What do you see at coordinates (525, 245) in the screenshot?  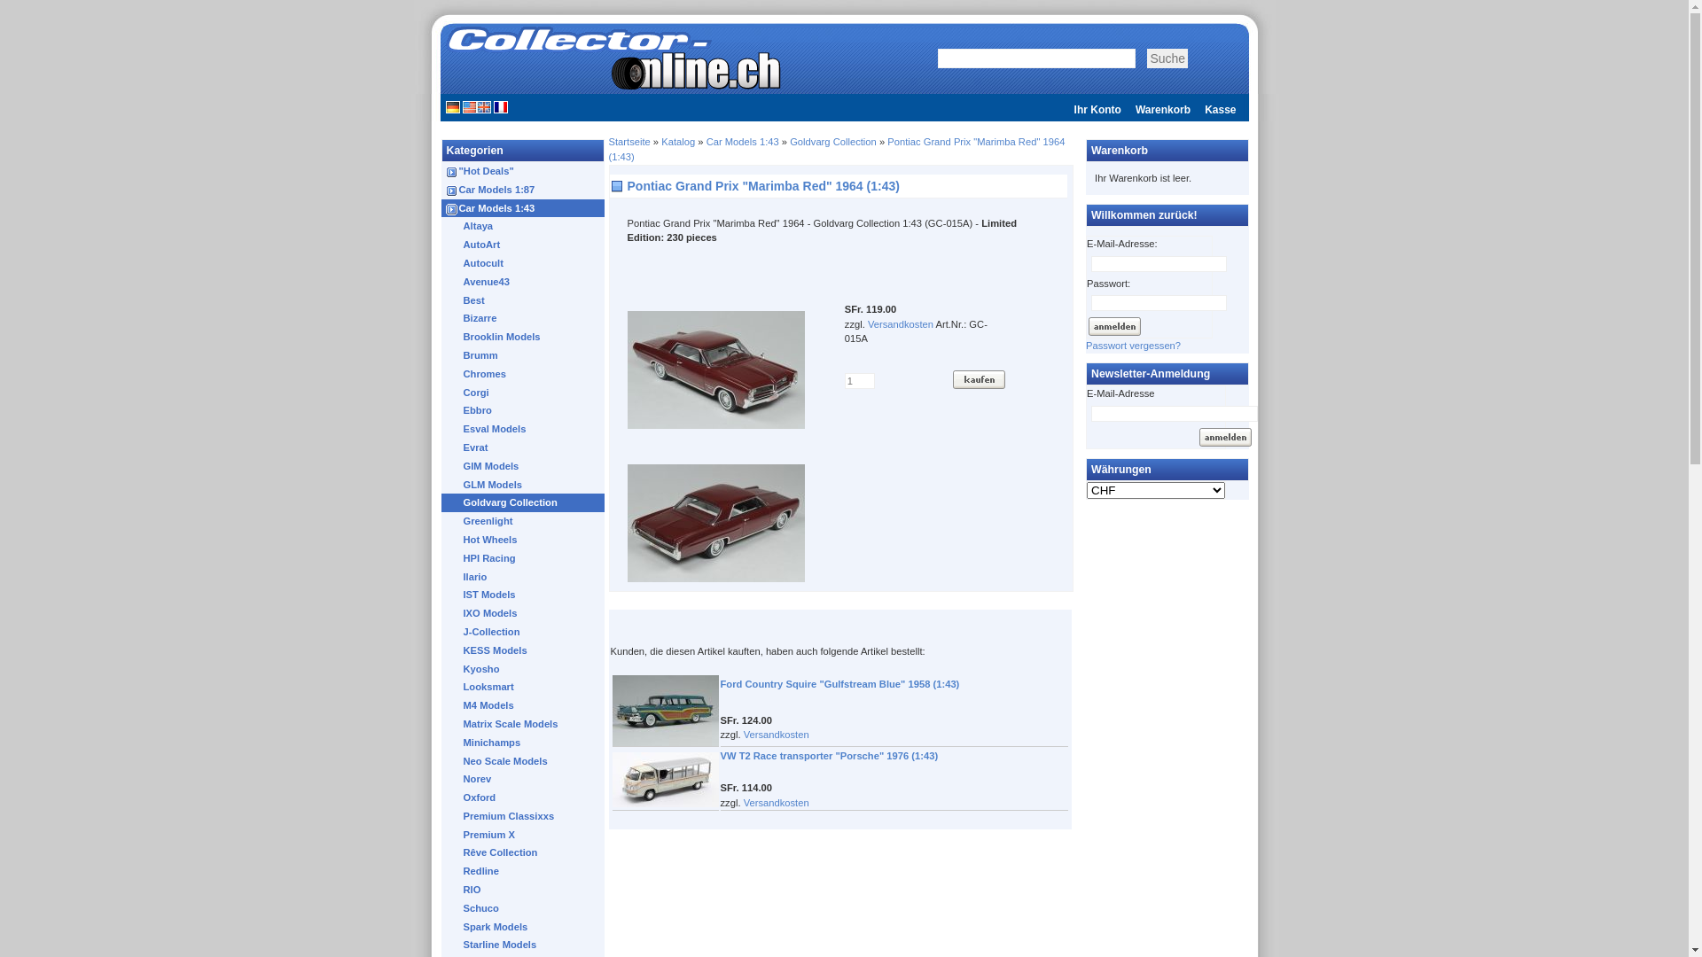 I see `'AutoArt'` at bounding box center [525, 245].